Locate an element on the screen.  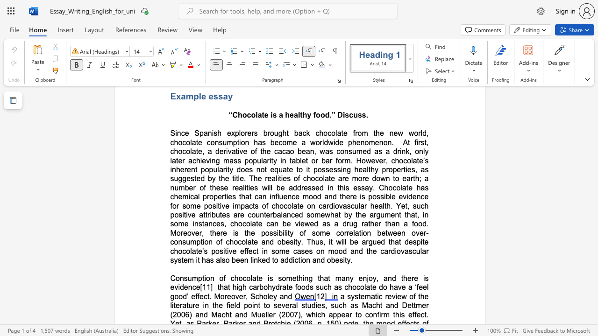
the subset text "rm" within the text "appear to confirm" is located at coordinates (381, 315).